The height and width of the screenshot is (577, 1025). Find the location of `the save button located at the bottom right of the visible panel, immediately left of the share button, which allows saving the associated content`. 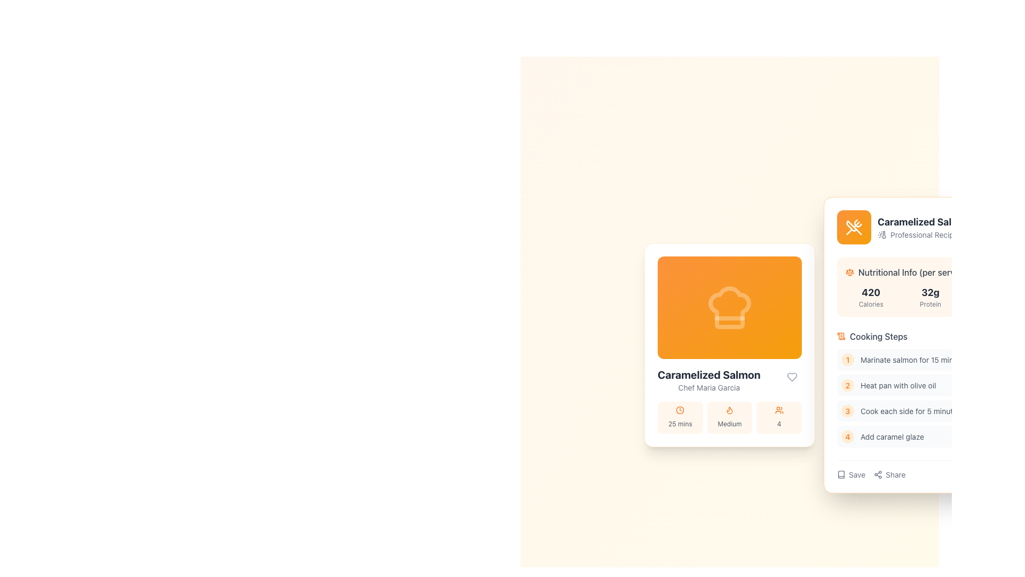

the save button located at the bottom right of the visible panel, immediately left of the share button, which allows saving the associated content is located at coordinates (850, 474).